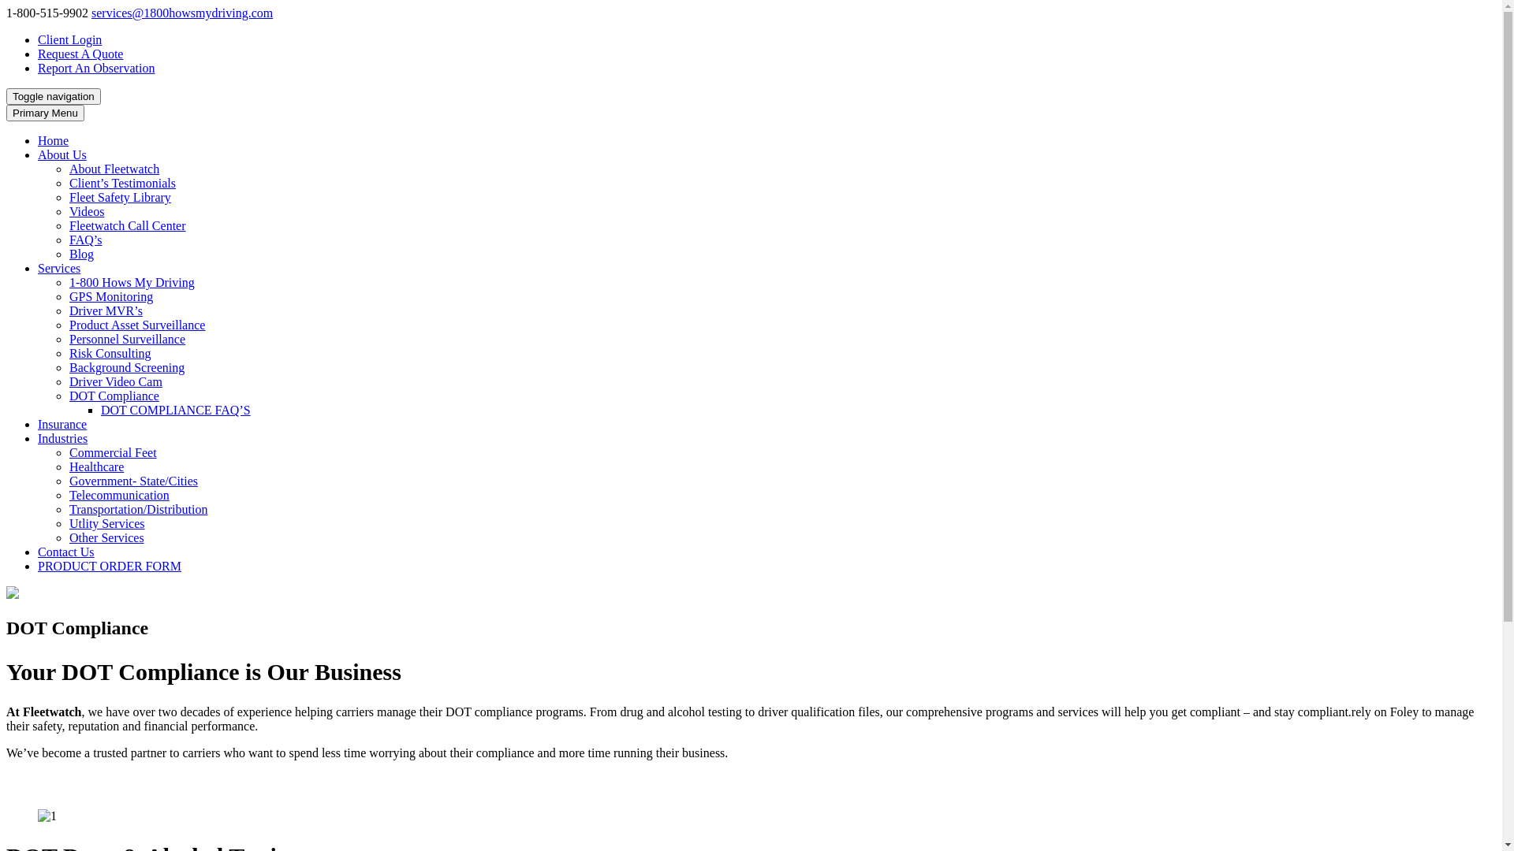 This screenshot has height=851, width=1514. What do you see at coordinates (45, 112) in the screenshot?
I see `'Primary Menu'` at bounding box center [45, 112].